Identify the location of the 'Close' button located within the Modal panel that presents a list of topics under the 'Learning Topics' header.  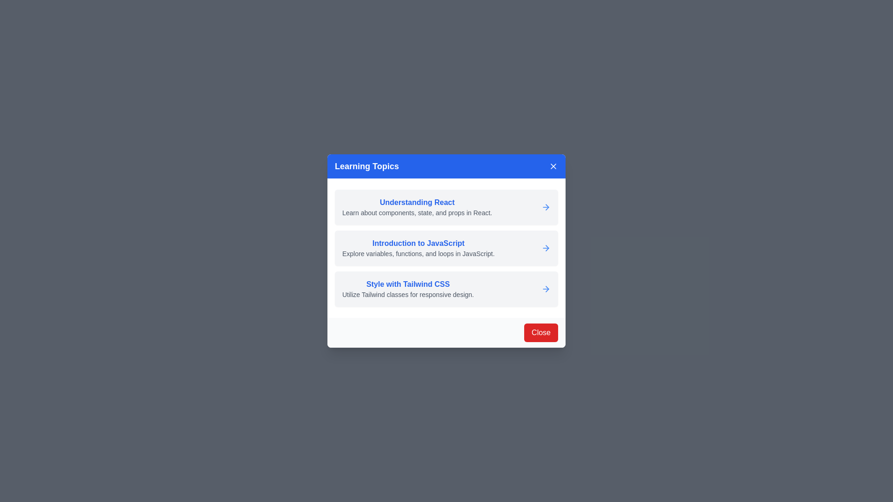
(446, 251).